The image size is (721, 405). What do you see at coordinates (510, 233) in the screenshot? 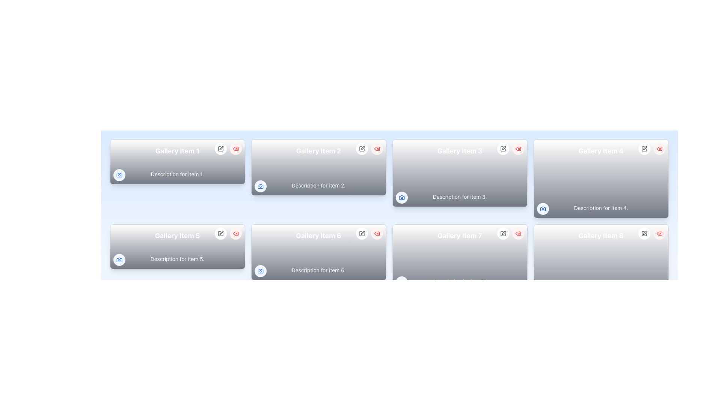
I see `the delete button in the Interactive Button Group located at the top-right corner of the 'Gallery Item 7' card` at bounding box center [510, 233].